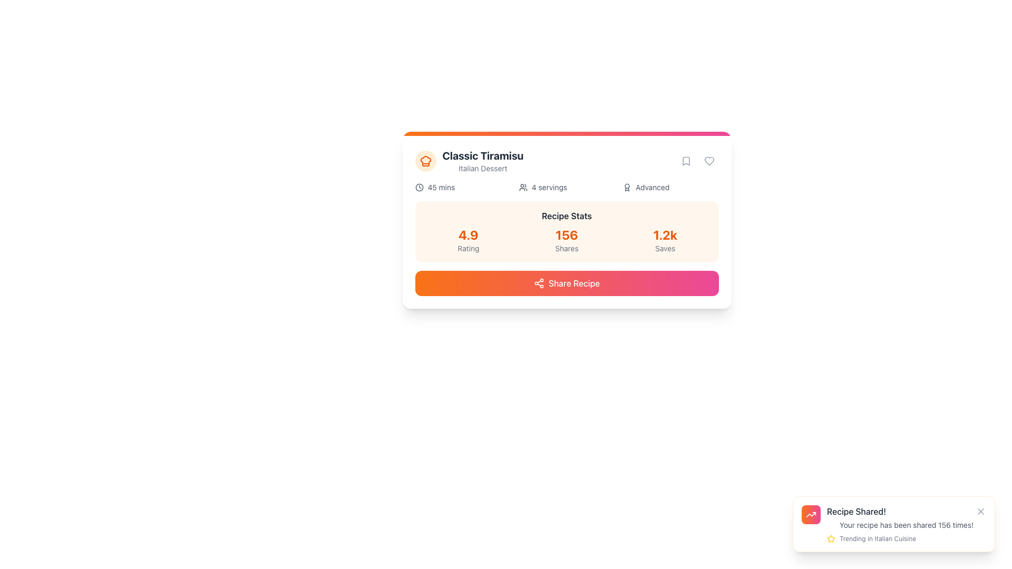 The image size is (1012, 569). I want to click on the icon representing a group or multiple users, which is located to the left of the text '4 servings', so click(523, 187).